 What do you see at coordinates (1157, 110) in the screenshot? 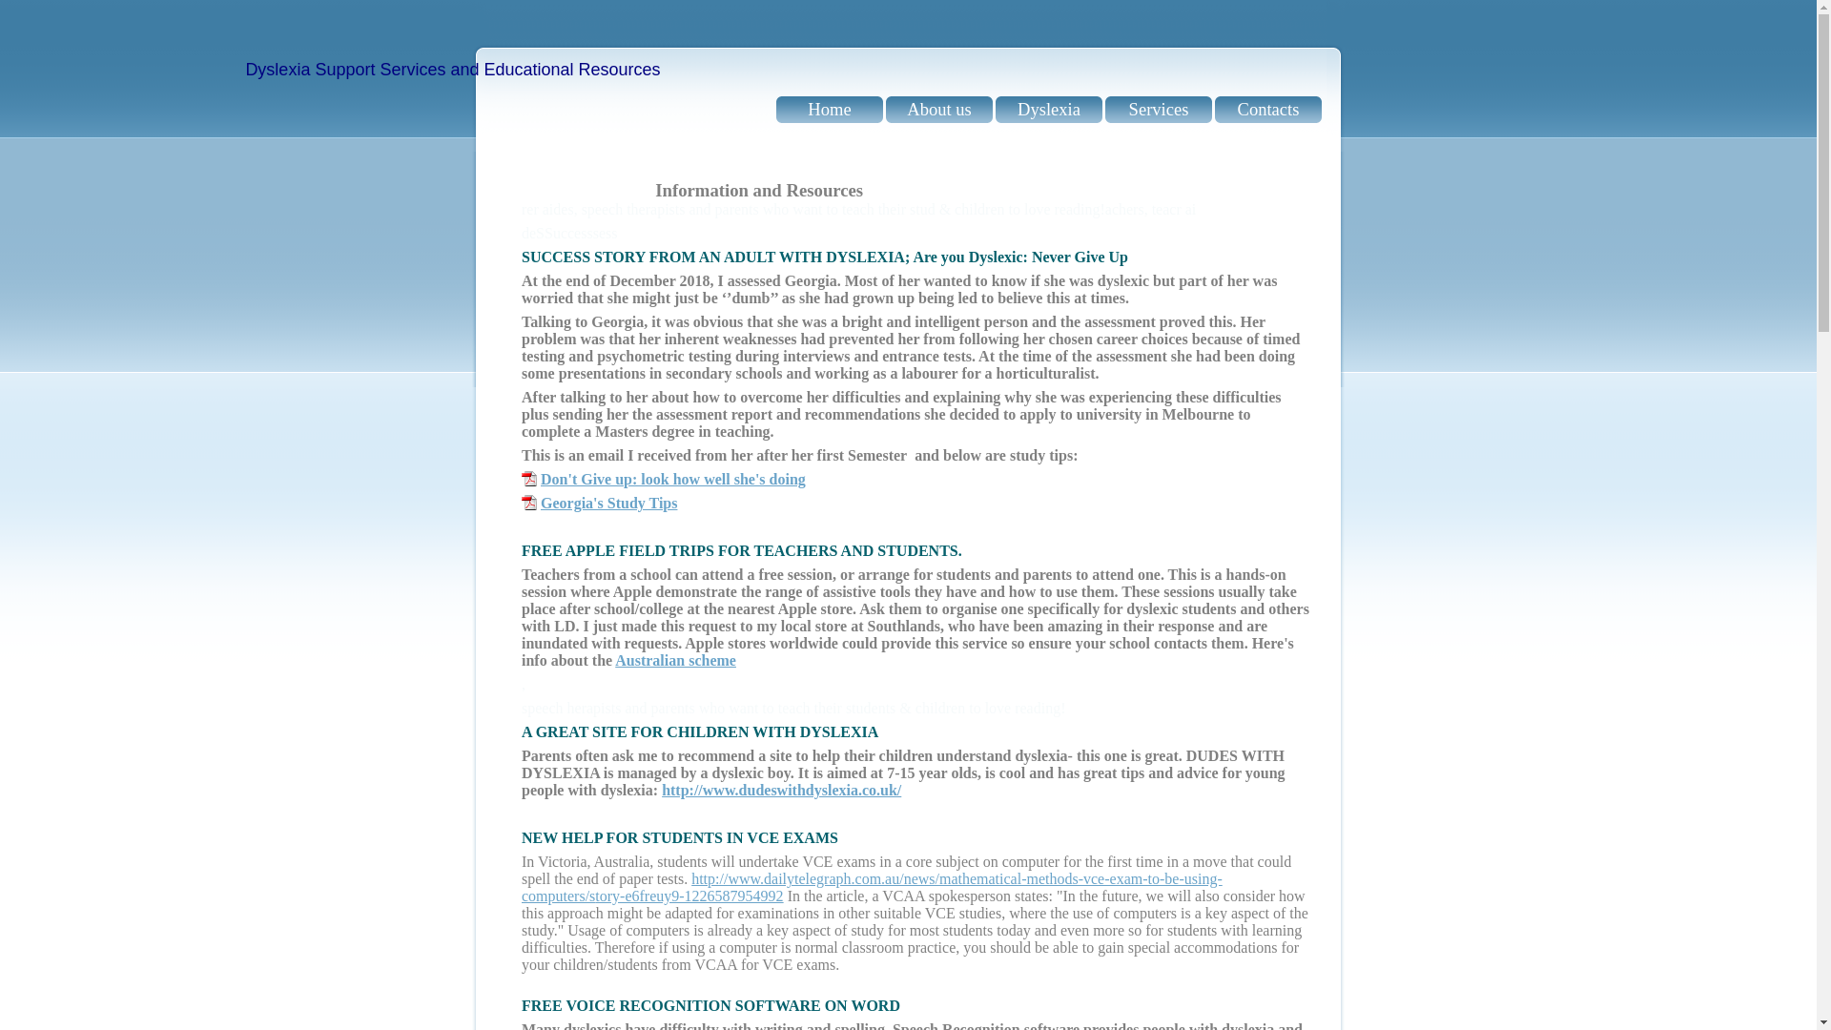
I see `'Services'` at bounding box center [1157, 110].